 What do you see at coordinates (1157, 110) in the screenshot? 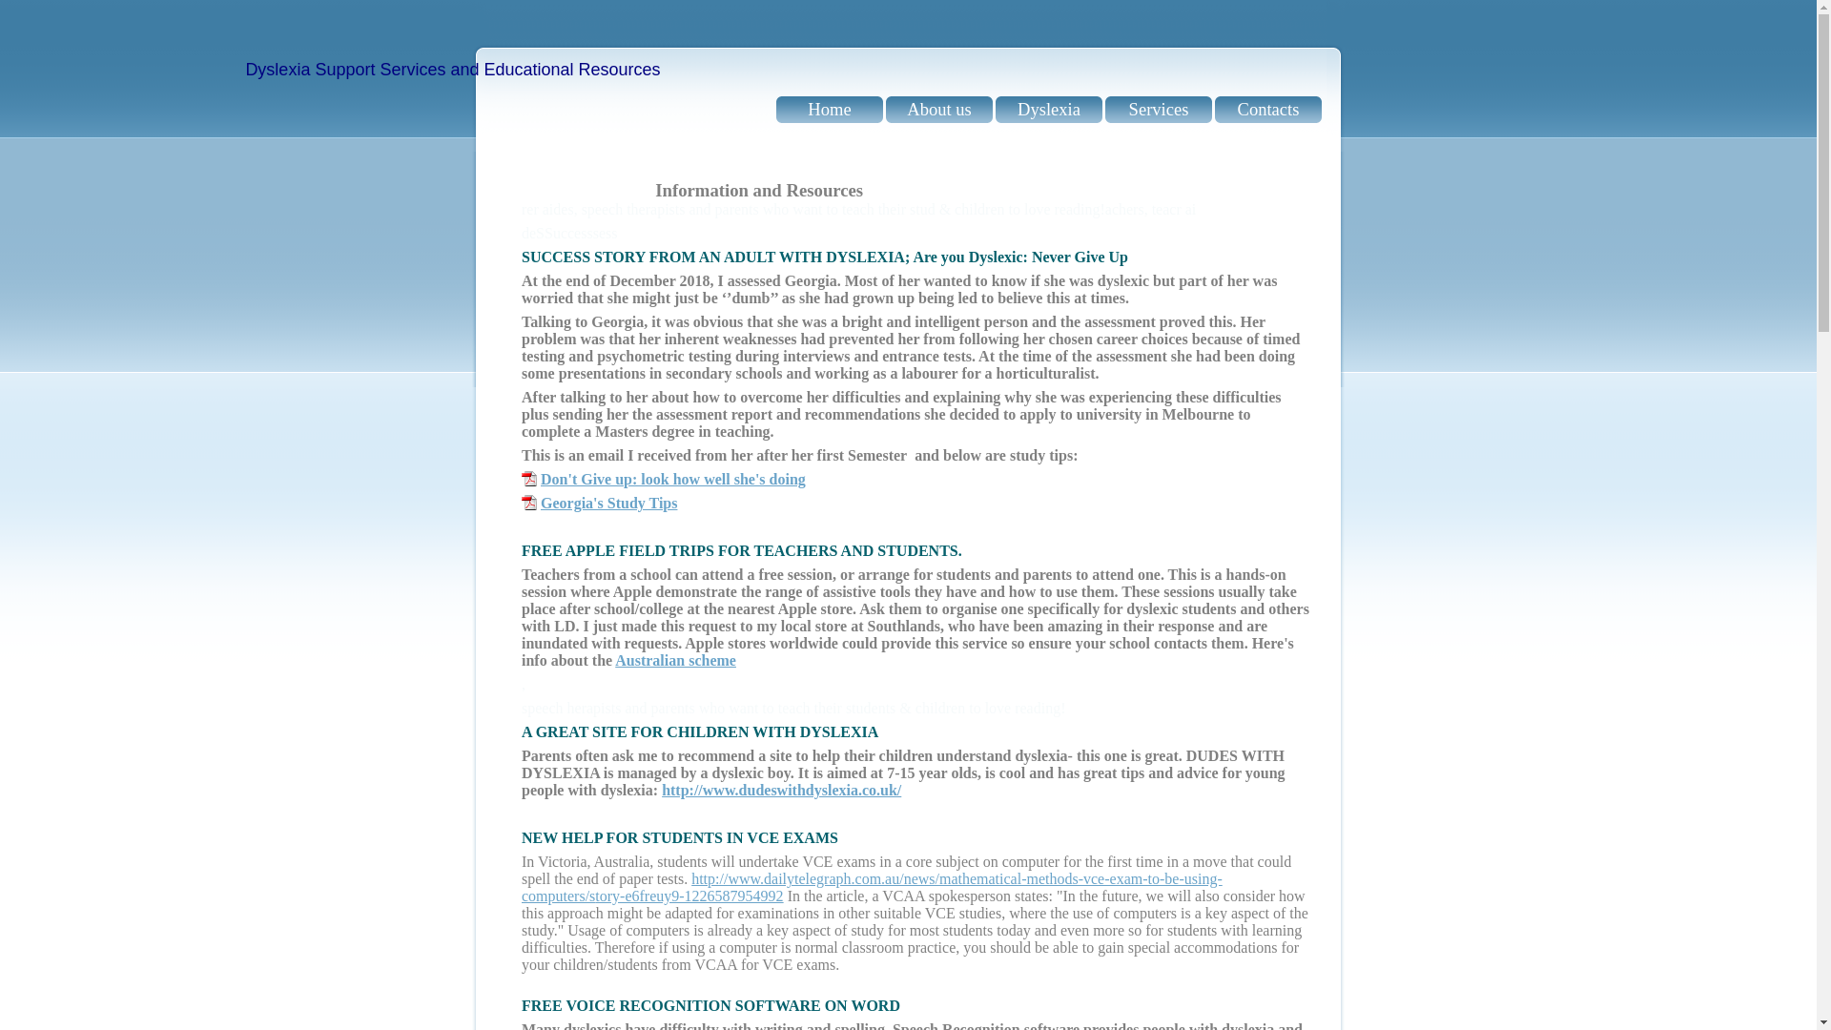
I see `'Services'` at bounding box center [1157, 110].